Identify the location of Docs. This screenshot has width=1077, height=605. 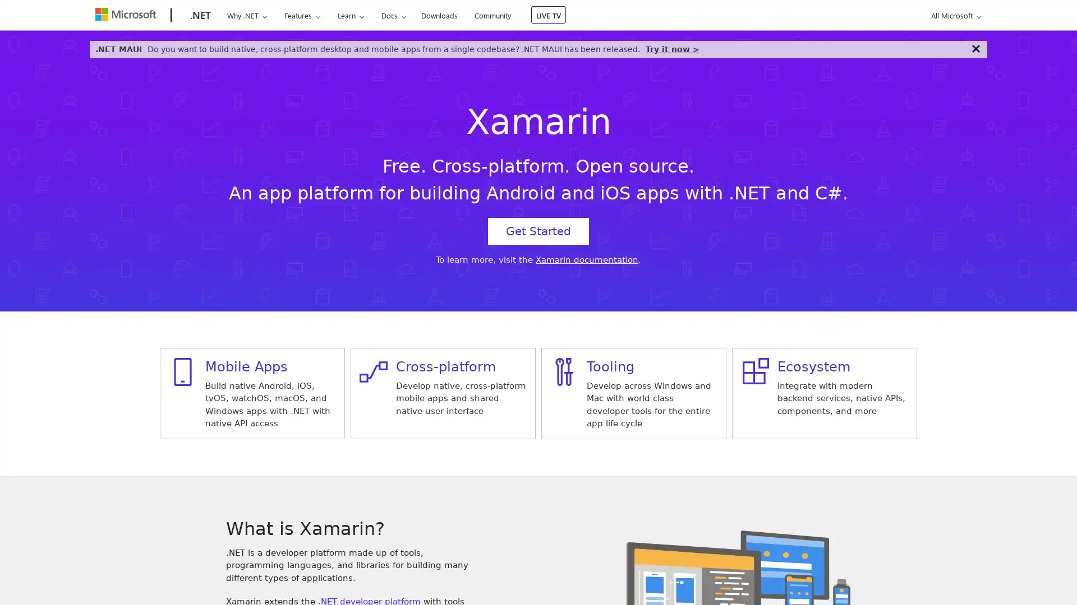
(393, 15).